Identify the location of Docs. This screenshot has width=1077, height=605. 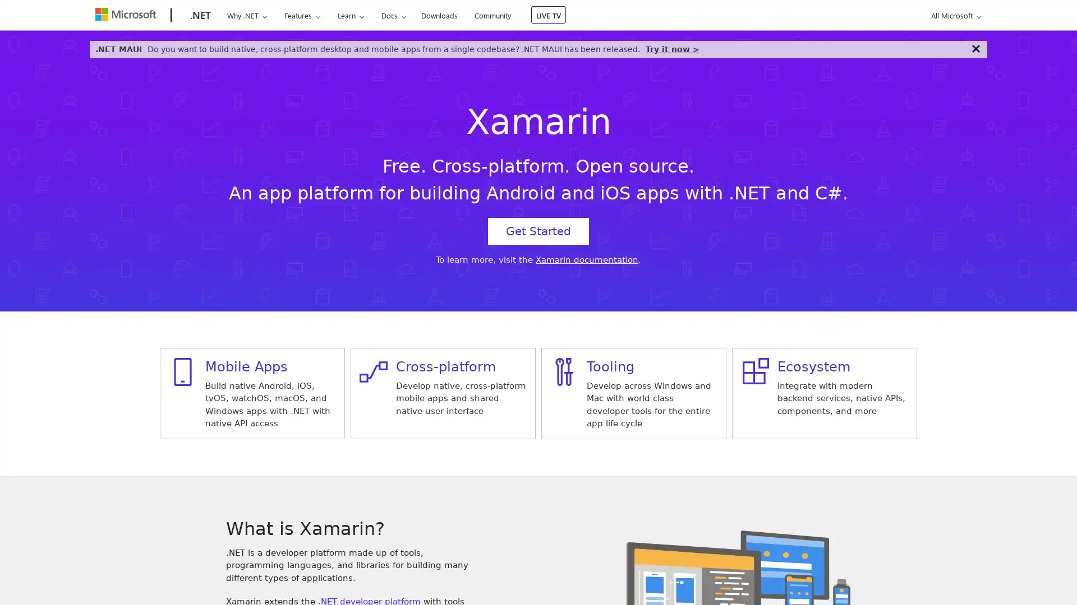
(393, 15).